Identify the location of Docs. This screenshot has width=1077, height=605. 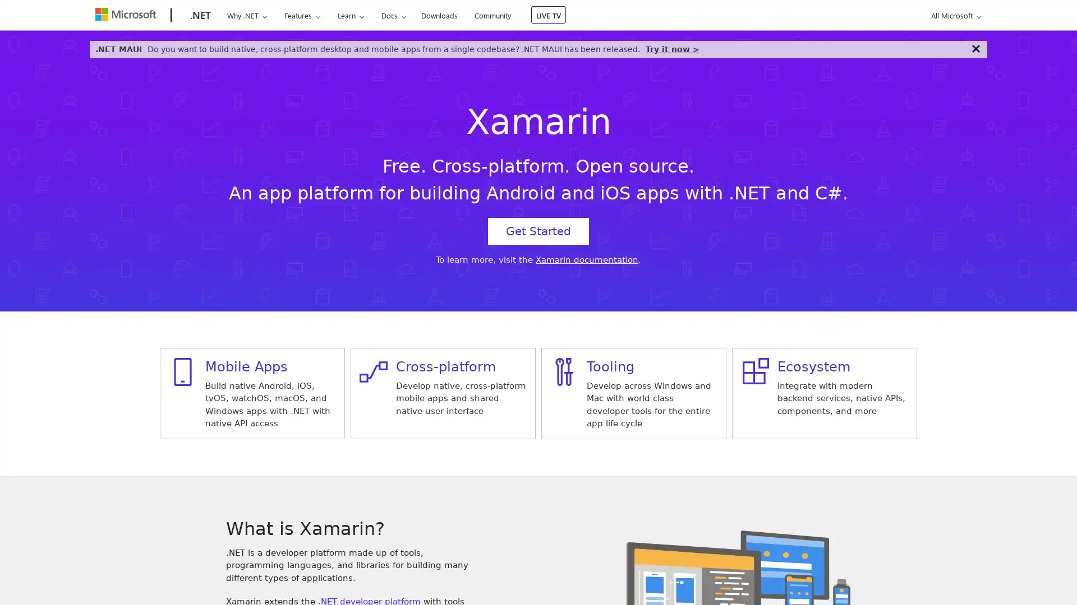
(393, 15).